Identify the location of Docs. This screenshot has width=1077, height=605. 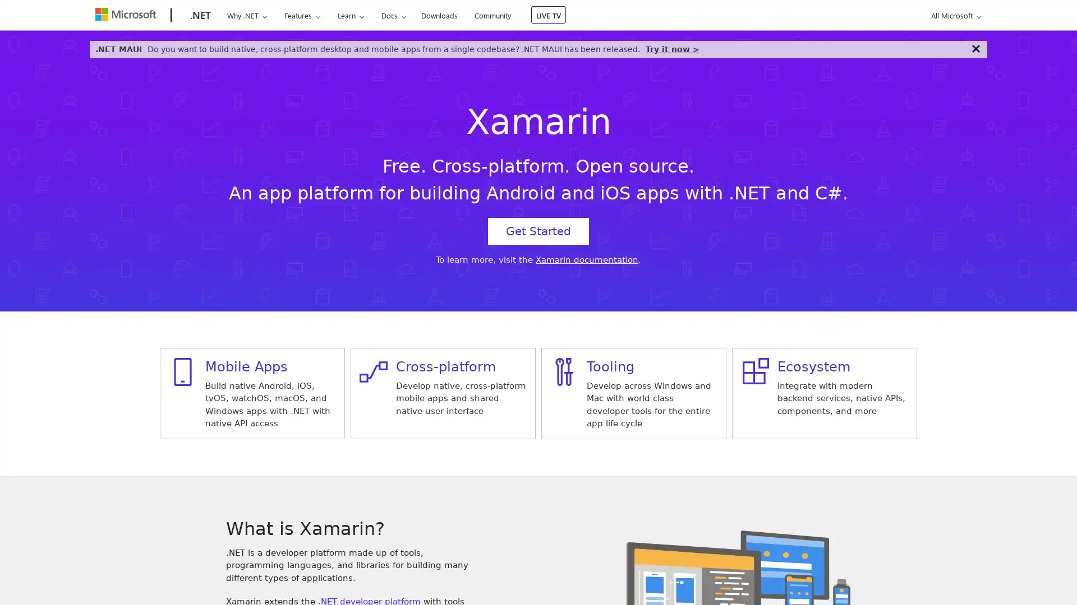
(393, 15).